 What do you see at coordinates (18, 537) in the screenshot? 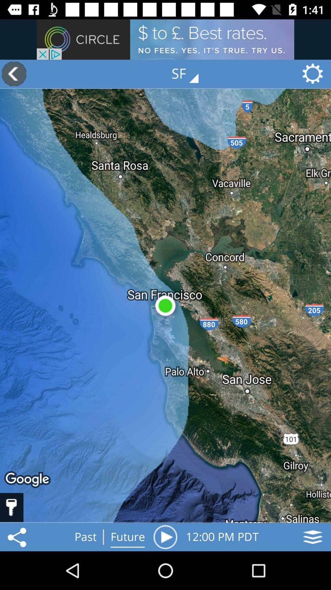
I see `the share icon` at bounding box center [18, 537].